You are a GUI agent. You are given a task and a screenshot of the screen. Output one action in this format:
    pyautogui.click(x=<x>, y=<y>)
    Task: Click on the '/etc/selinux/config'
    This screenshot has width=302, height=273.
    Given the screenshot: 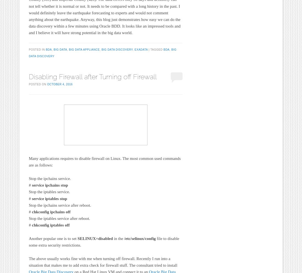 What is the action you would take?
    pyautogui.click(x=124, y=238)
    